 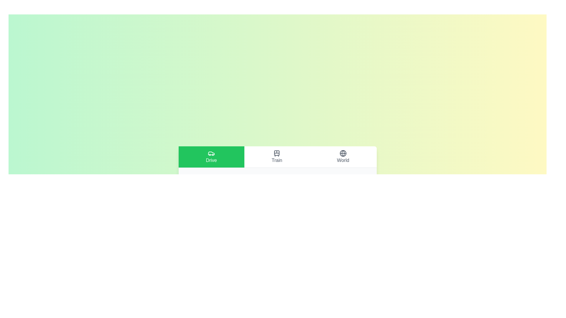 I want to click on the tab labeled World, so click(x=343, y=156).